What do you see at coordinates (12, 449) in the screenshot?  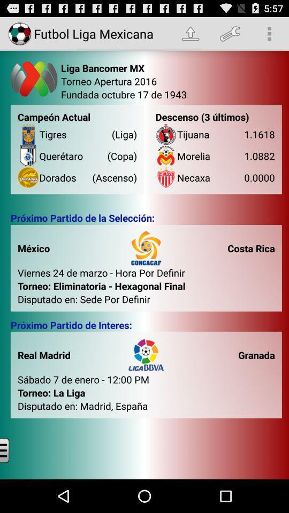 I see `menu` at bounding box center [12, 449].